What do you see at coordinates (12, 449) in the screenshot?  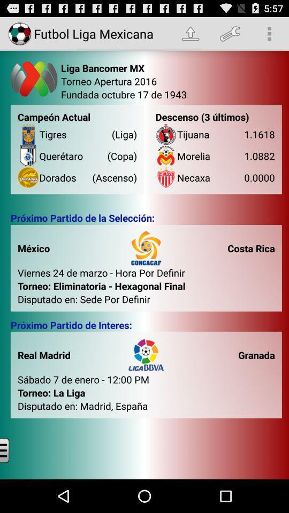 I see `menu` at bounding box center [12, 449].